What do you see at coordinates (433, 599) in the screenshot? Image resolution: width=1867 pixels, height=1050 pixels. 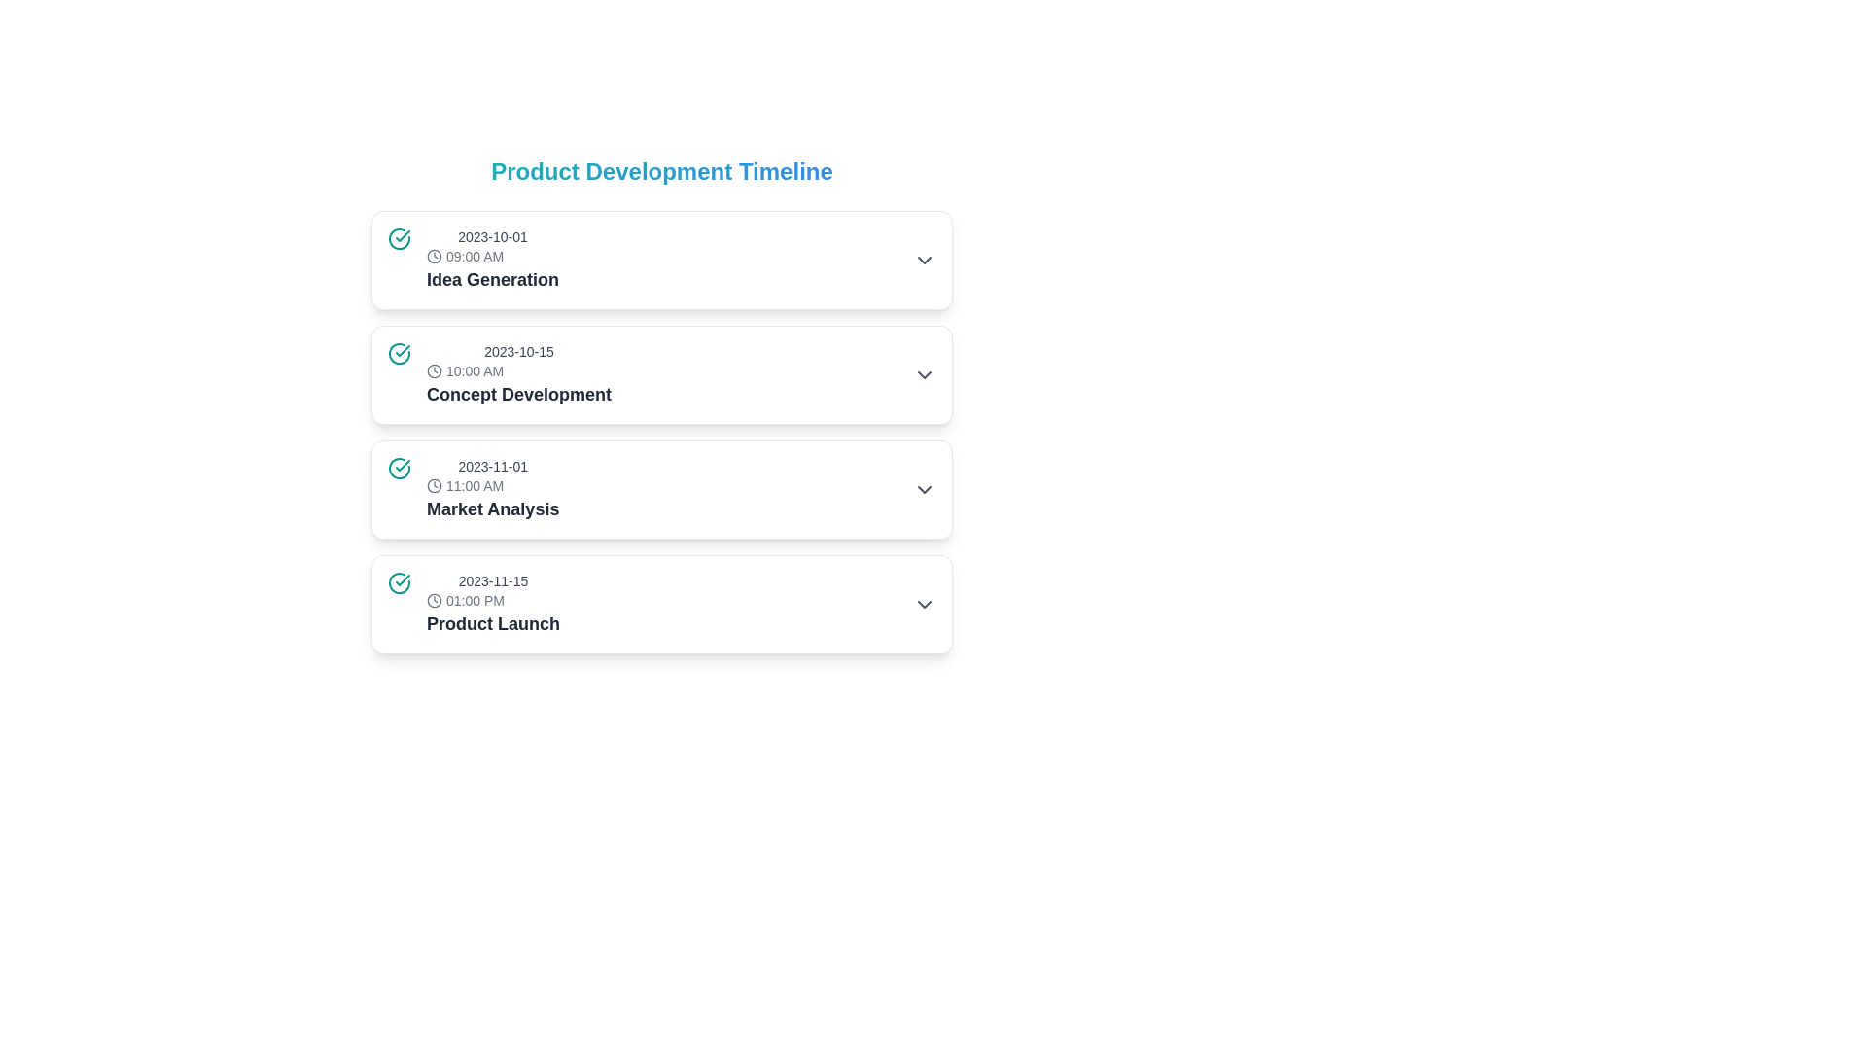 I see `the decorative SVG circle icon located on the far left of the 'Product Launch' row in the timeline interface, next to the date and time text '2023-11-15' and '01:00 PM'` at bounding box center [433, 599].